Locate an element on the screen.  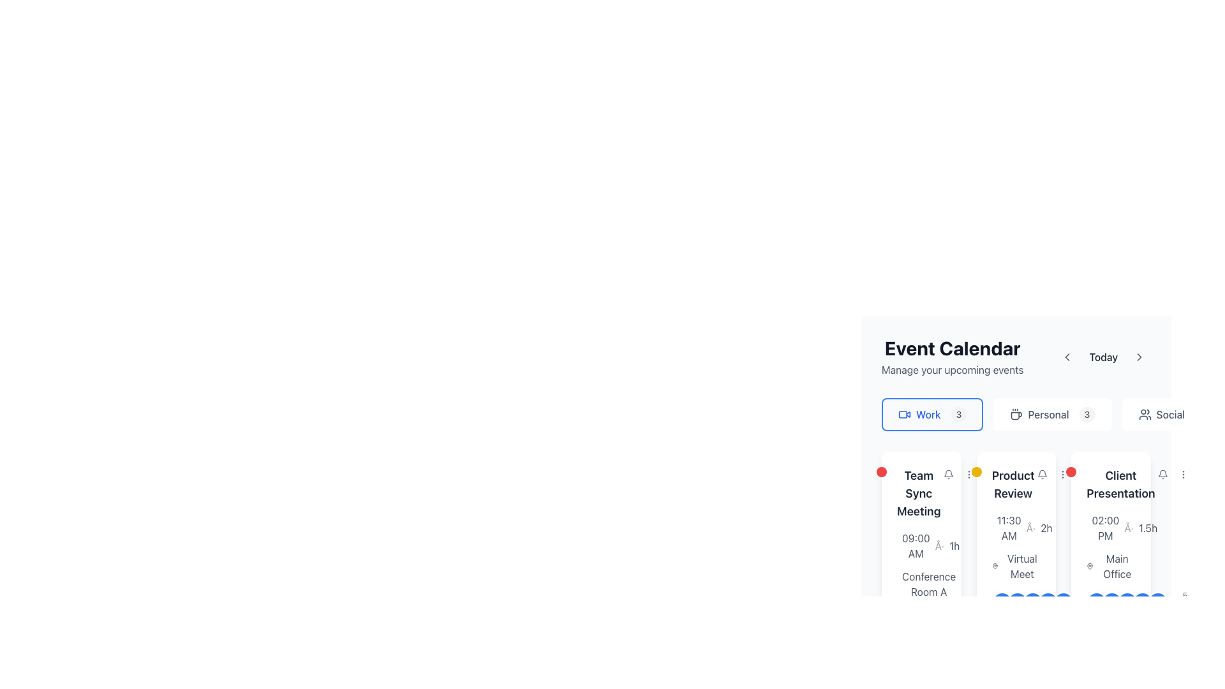
the first event card from the left under the 'Work' section in the 'Event Calendar' is located at coordinates (921, 559).